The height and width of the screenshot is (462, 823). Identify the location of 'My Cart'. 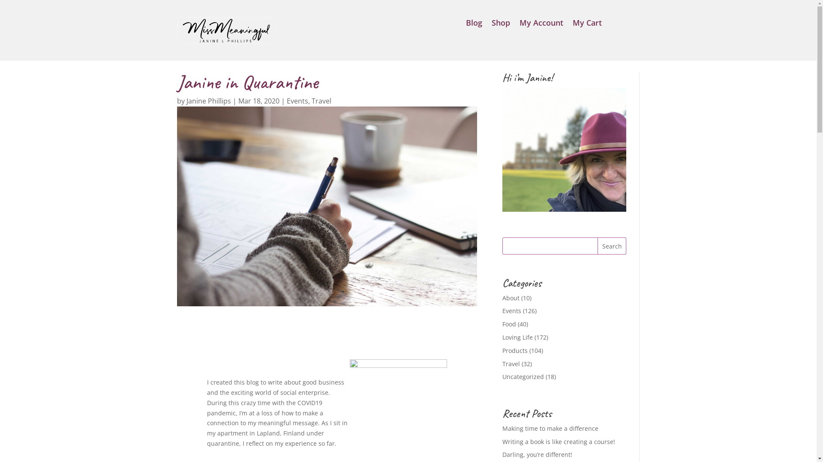
(586, 24).